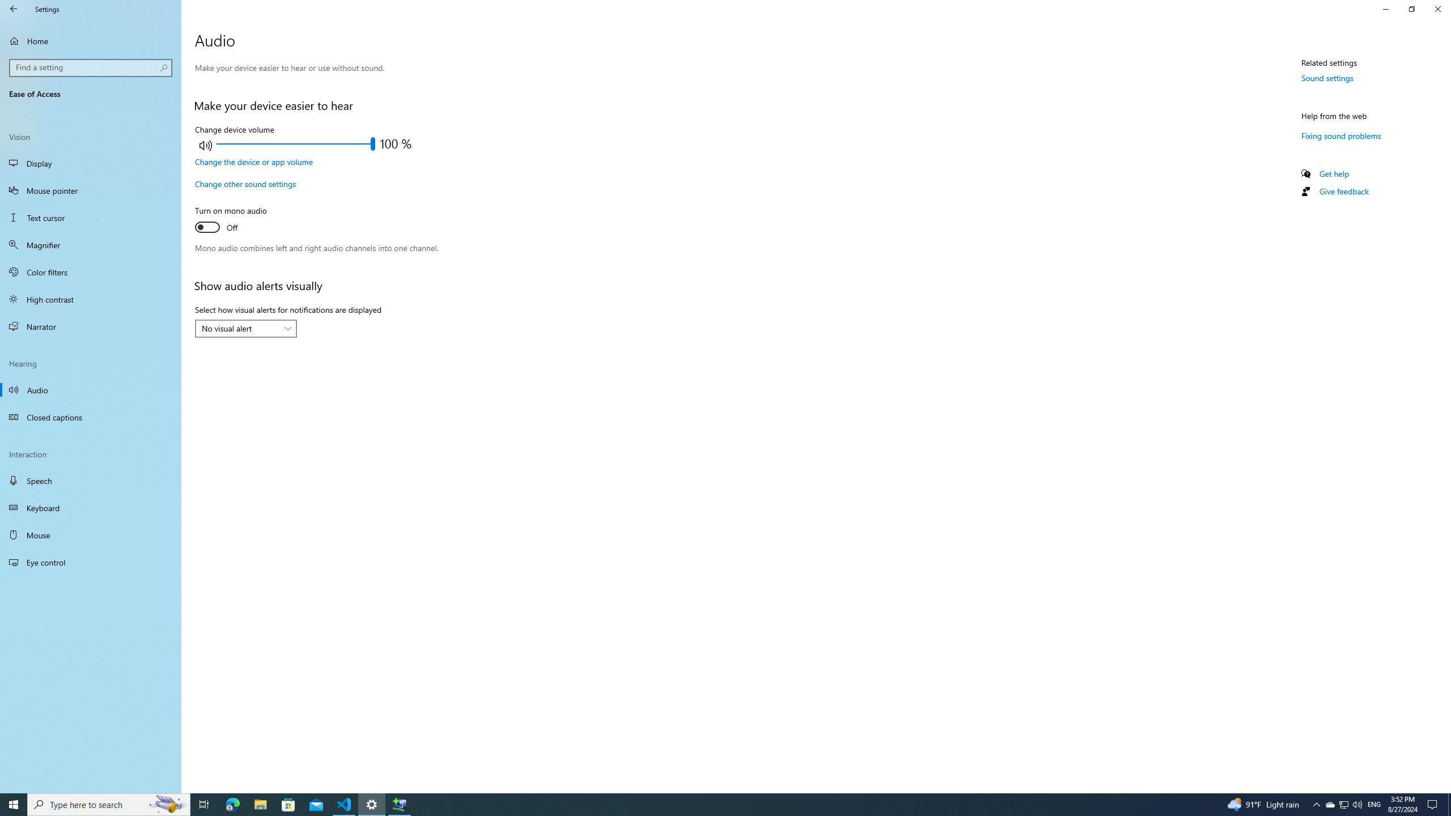 The image size is (1451, 816). What do you see at coordinates (90, 508) in the screenshot?
I see `'Keyboard'` at bounding box center [90, 508].